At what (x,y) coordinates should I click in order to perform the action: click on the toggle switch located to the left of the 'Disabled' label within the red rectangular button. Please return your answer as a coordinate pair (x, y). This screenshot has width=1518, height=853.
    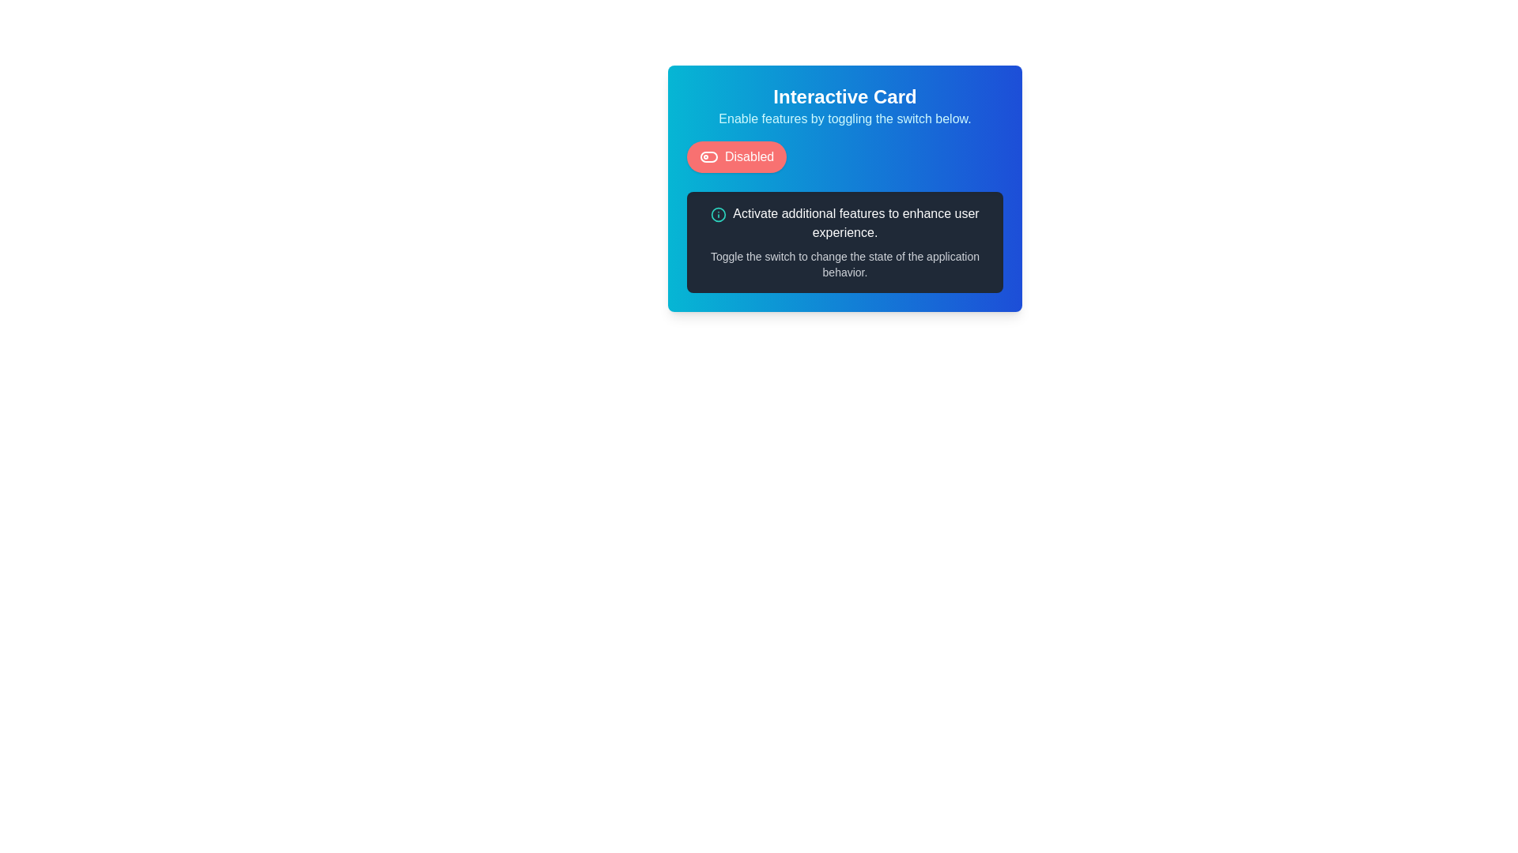
    Looking at the image, I should click on (708, 157).